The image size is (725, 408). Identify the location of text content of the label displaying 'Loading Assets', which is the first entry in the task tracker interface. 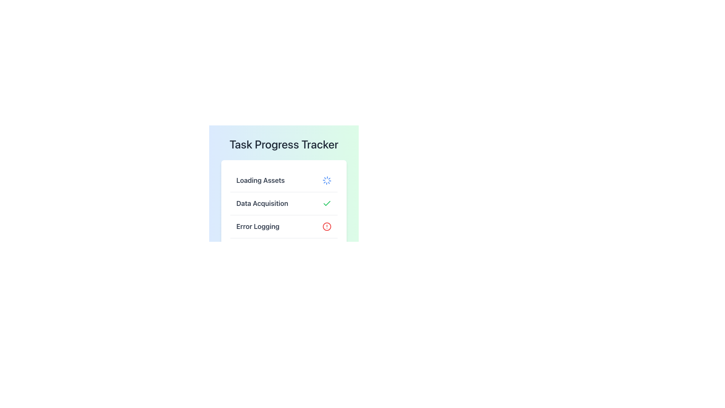
(261, 181).